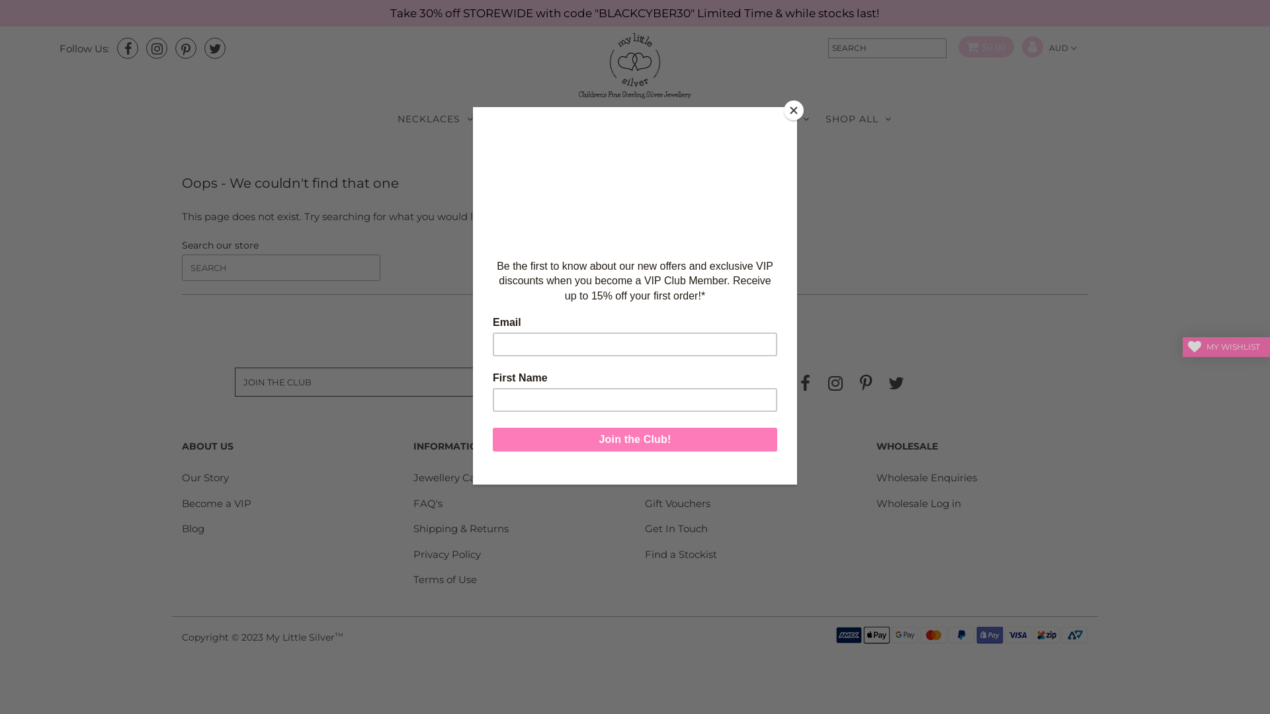  Describe the element at coordinates (926, 477) in the screenshot. I see `'Wholesale Enquiries'` at that location.